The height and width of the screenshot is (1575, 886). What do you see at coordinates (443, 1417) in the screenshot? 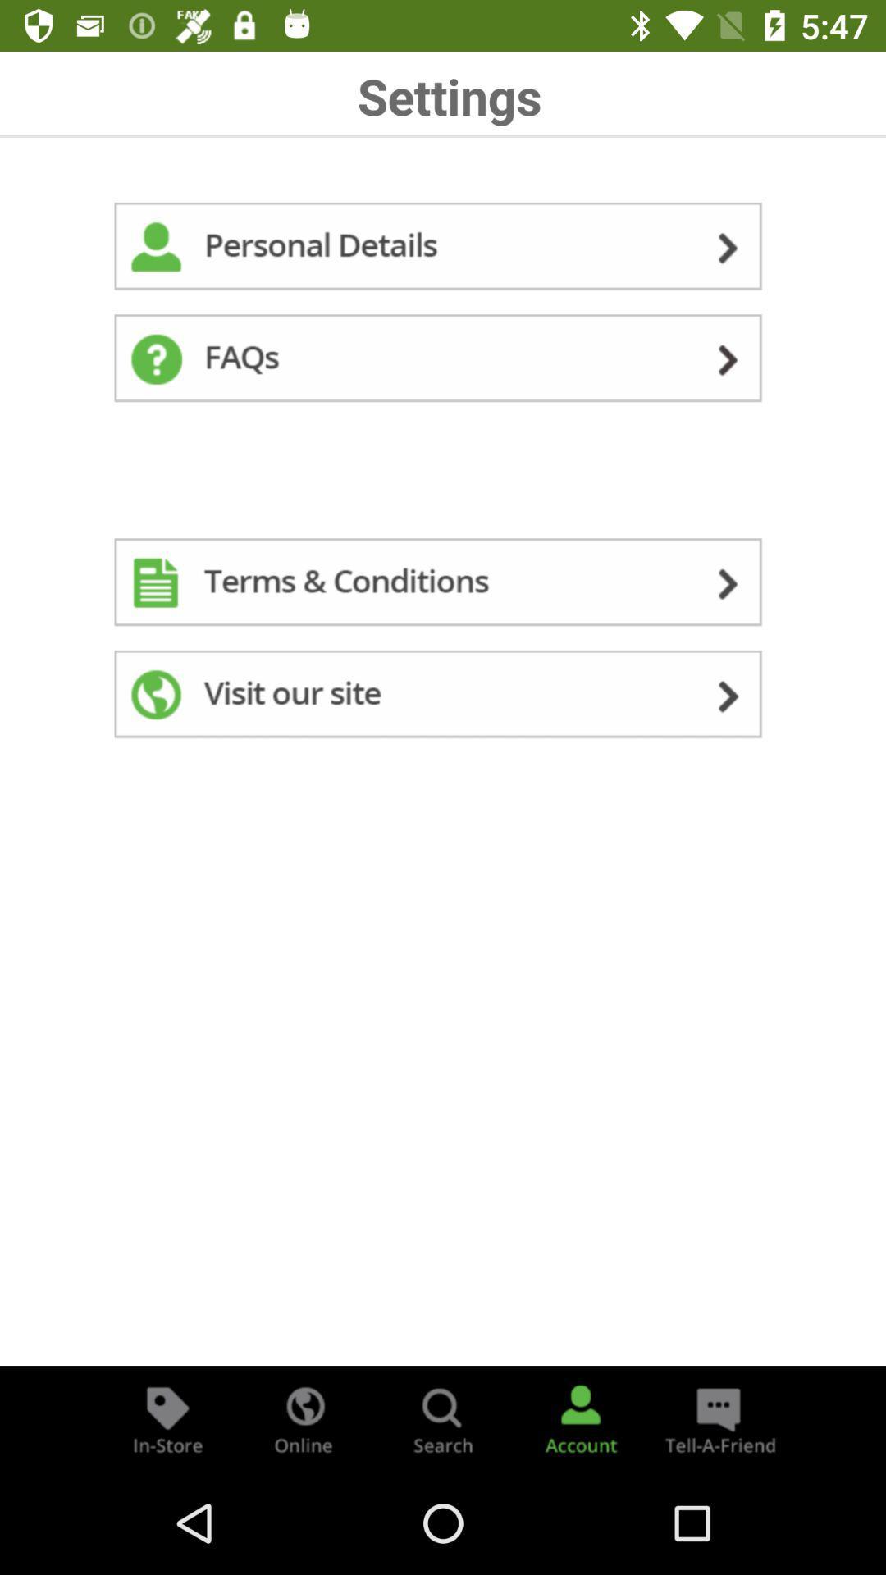
I see `the search icon` at bounding box center [443, 1417].